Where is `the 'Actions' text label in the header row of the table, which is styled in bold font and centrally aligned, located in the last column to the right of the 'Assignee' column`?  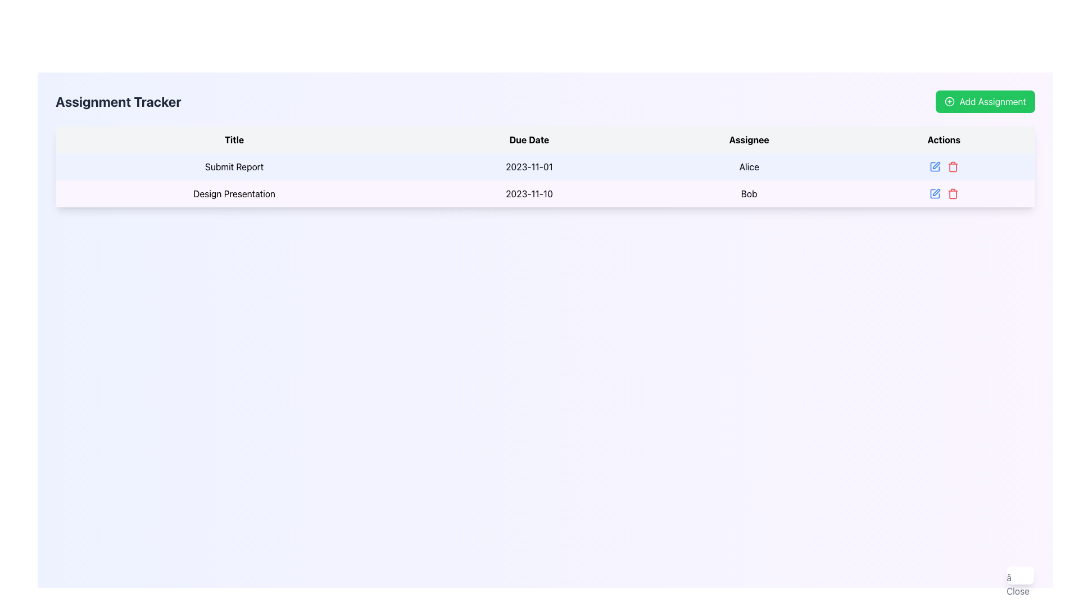
the 'Actions' text label in the header row of the table, which is styled in bold font and centrally aligned, located in the last column to the right of the 'Assignee' column is located at coordinates (944, 139).